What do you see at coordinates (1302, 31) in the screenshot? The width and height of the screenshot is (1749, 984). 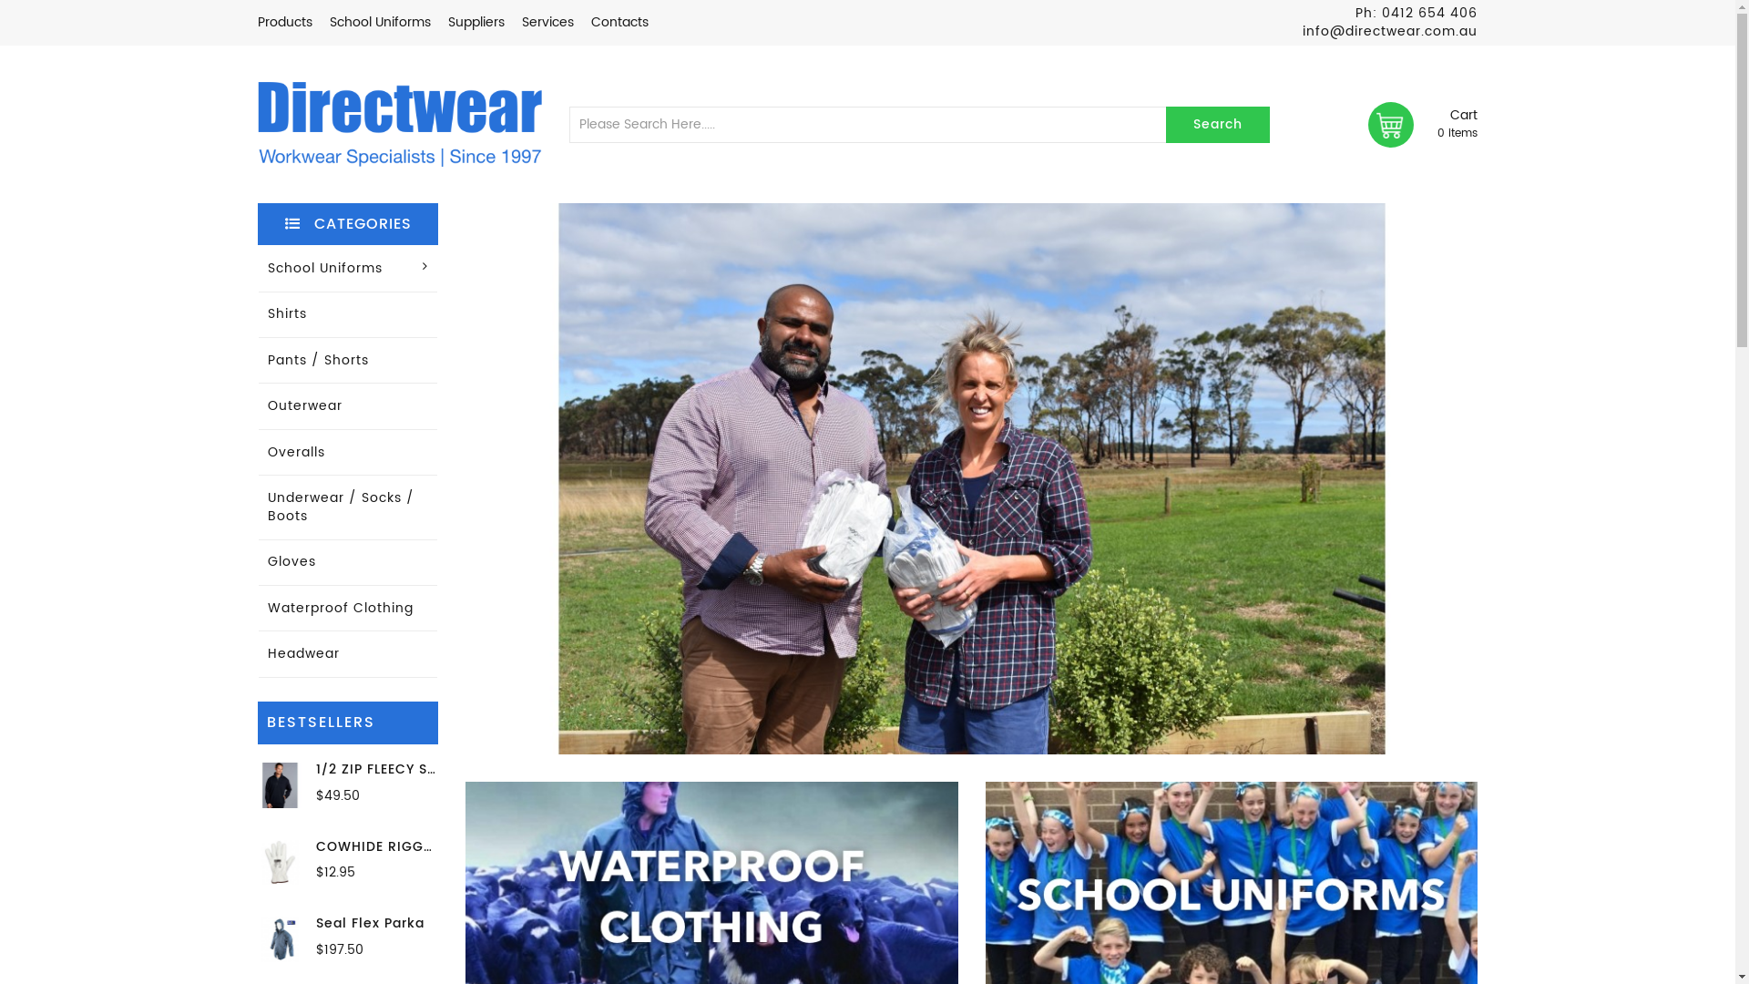 I see `'info@directwear.com.au'` at bounding box center [1302, 31].